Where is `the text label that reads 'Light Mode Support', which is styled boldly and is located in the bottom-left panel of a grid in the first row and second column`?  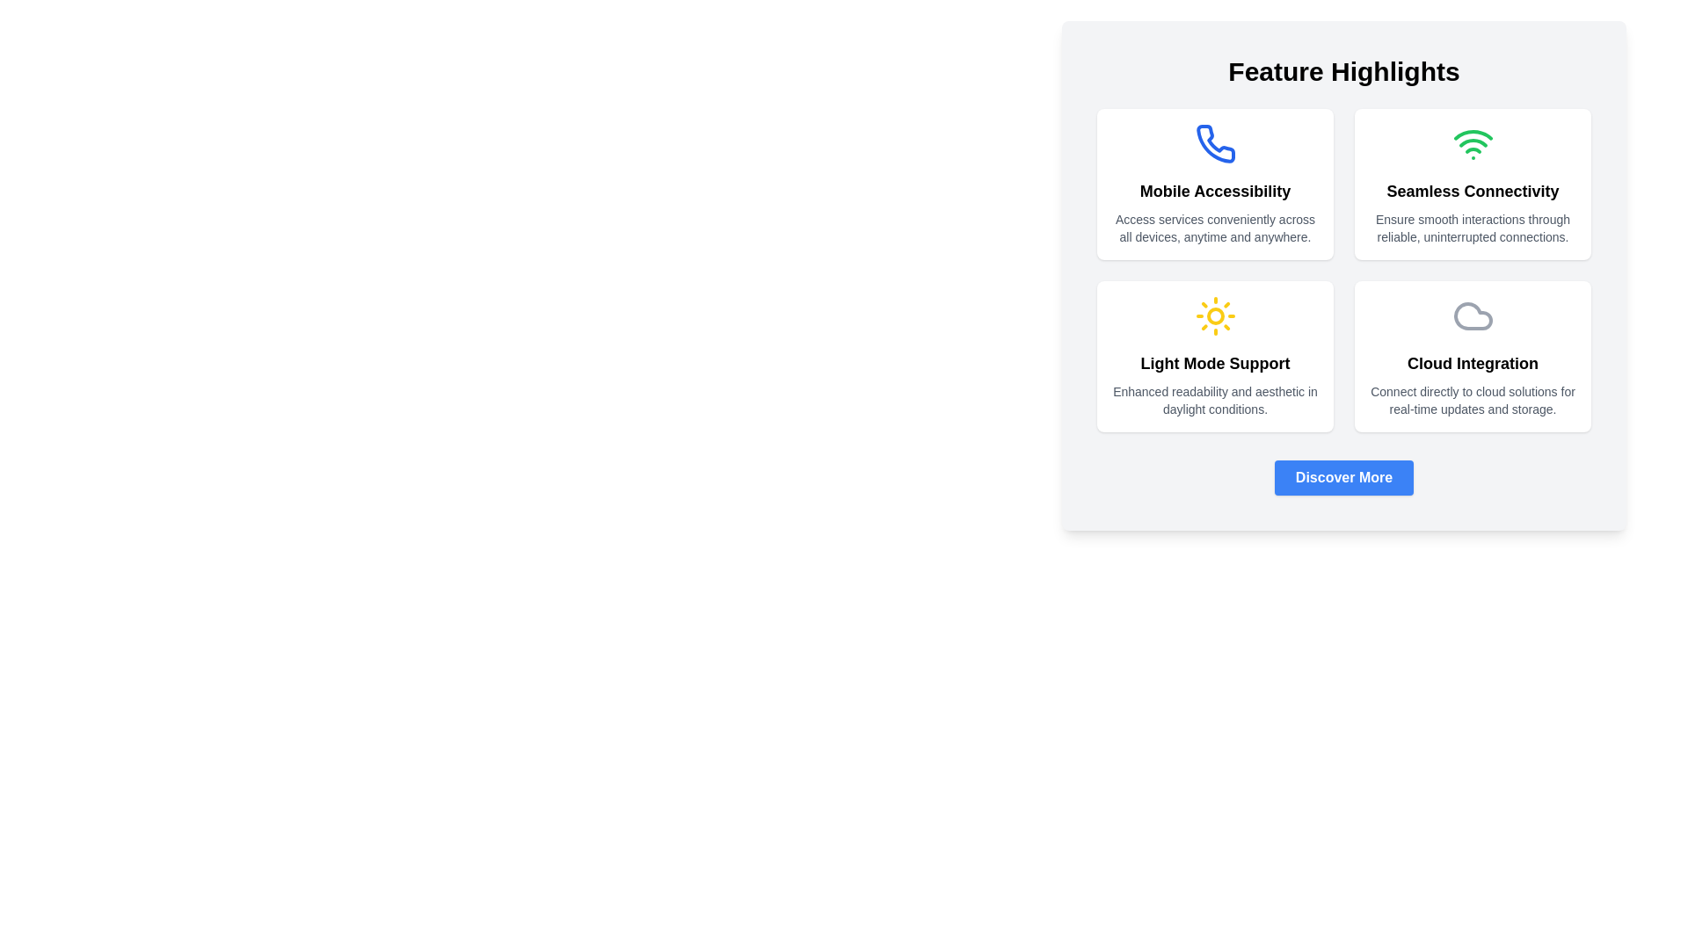 the text label that reads 'Light Mode Support', which is styled boldly and is located in the bottom-left panel of a grid in the first row and second column is located at coordinates (1214, 362).